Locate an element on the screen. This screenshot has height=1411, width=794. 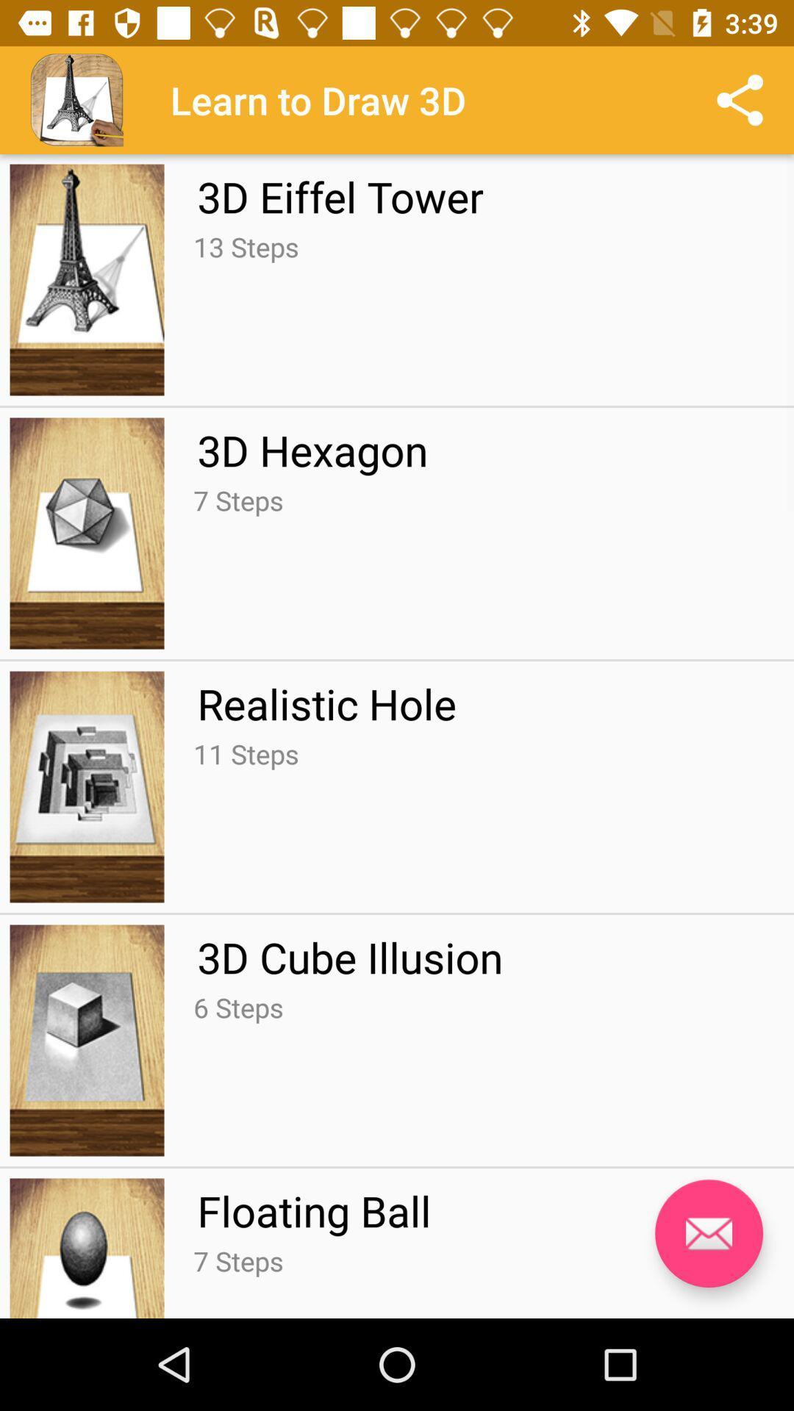
the app below the 3d eiffel tower icon is located at coordinates (245, 247).